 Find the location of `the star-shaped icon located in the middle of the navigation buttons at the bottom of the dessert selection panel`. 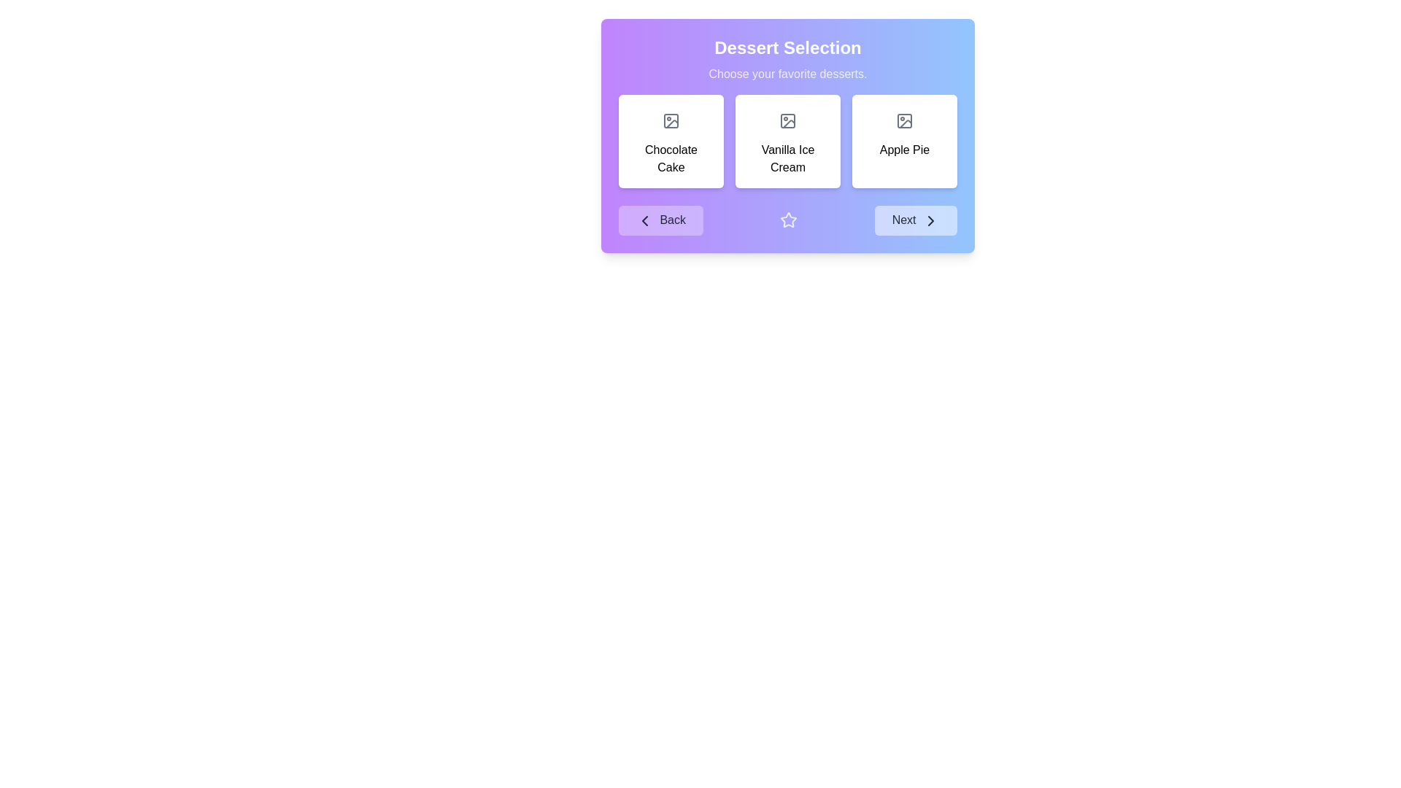

the star-shaped icon located in the middle of the navigation buttons at the bottom of the dessert selection panel is located at coordinates (787, 220).